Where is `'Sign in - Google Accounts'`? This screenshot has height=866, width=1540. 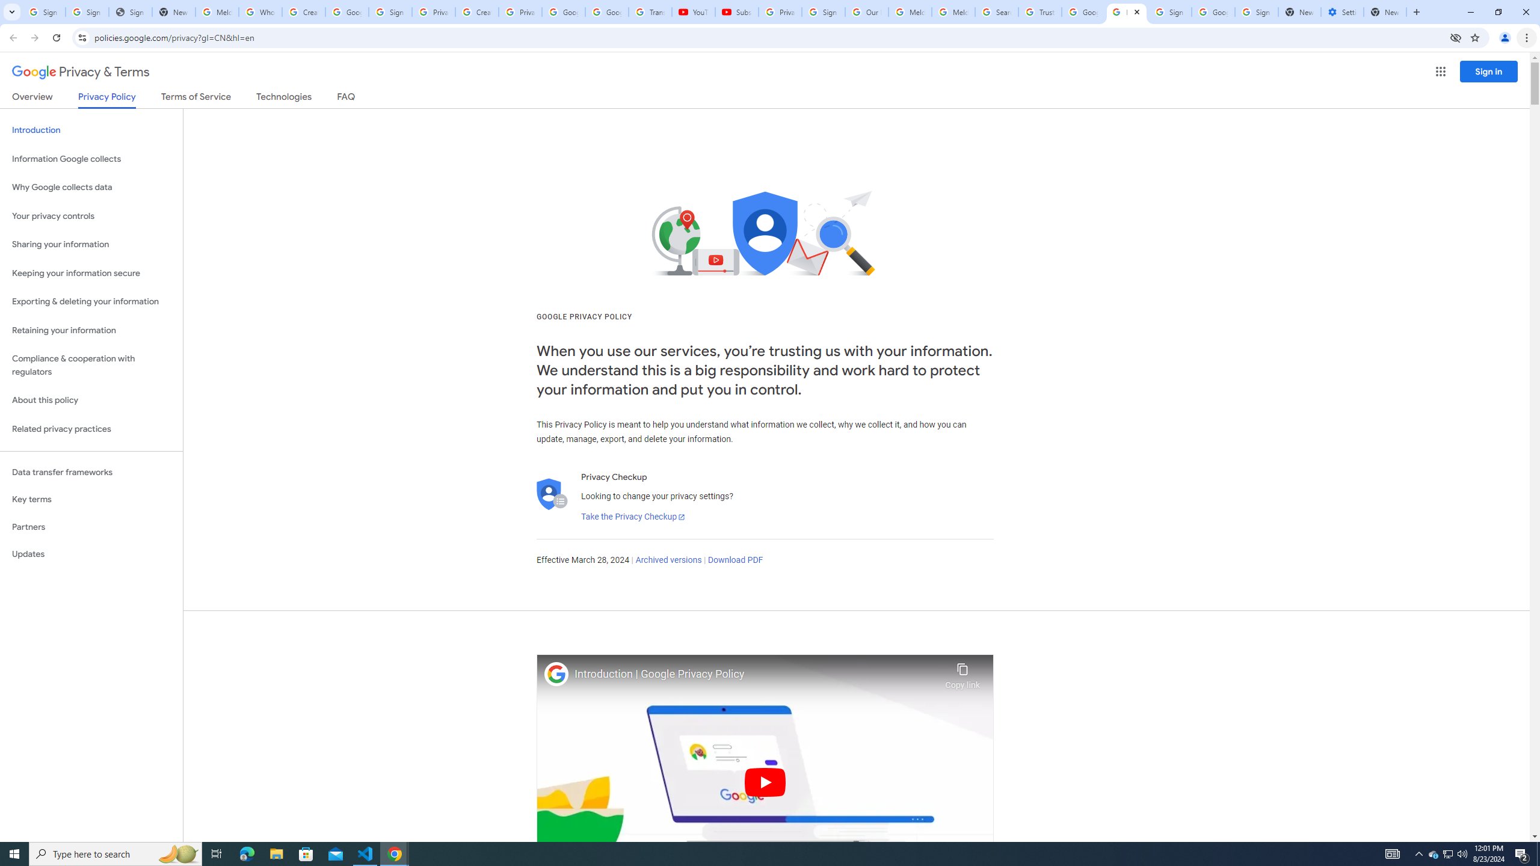 'Sign in - Google Accounts' is located at coordinates (1255, 11).